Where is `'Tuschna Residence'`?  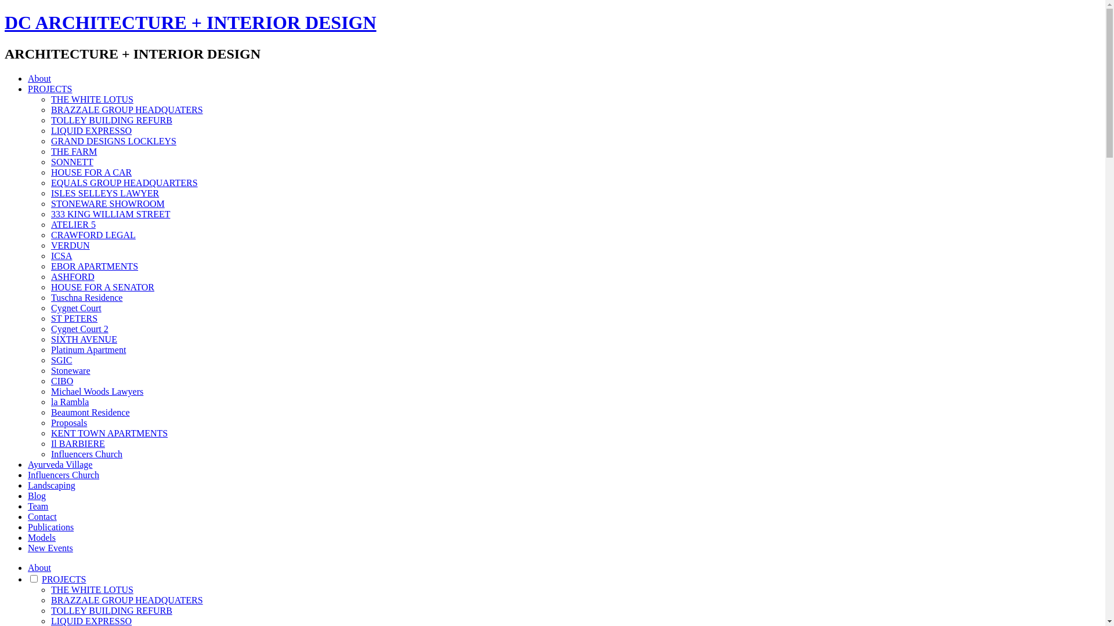
'Tuschna Residence' is located at coordinates (86, 297).